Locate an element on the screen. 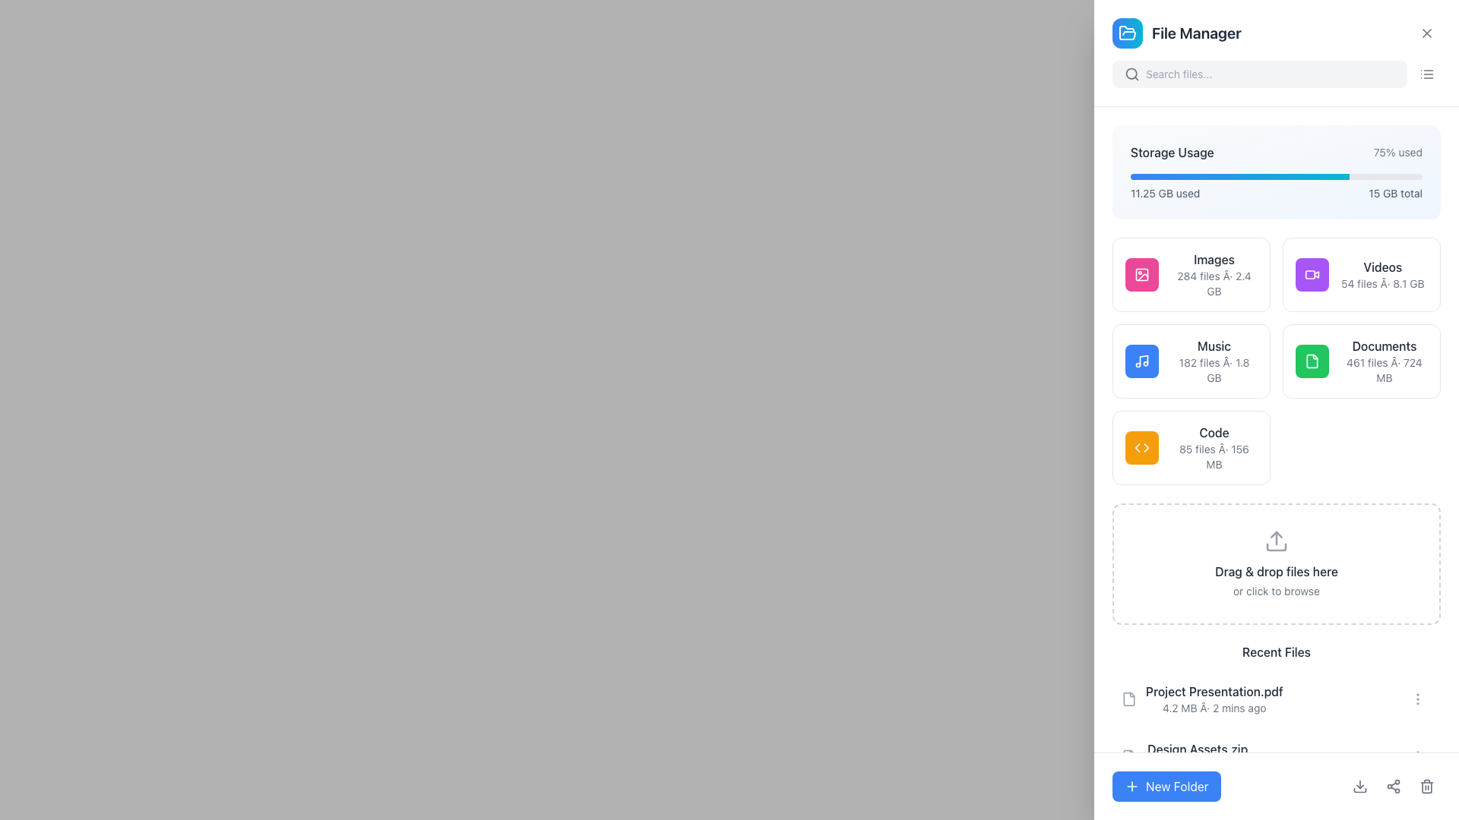  the file upload area located in the 'File Manager' interface, which allows users is located at coordinates (1277, 564).